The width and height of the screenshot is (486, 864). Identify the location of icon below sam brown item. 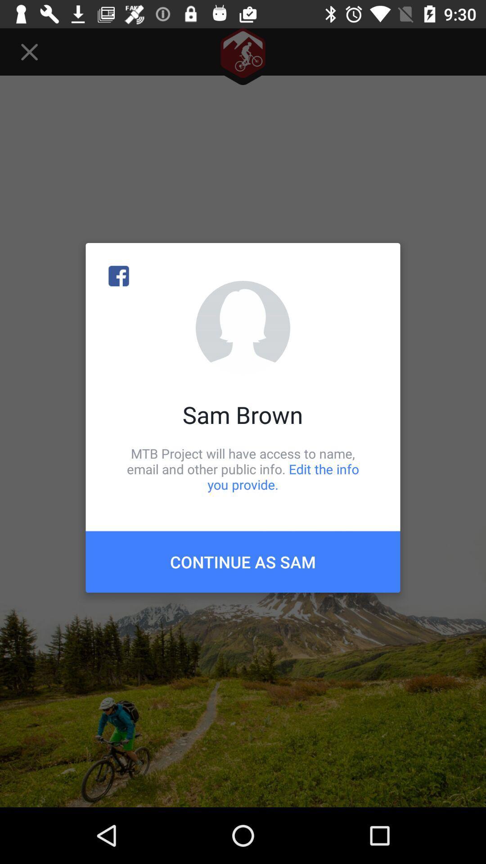
(243, 468).